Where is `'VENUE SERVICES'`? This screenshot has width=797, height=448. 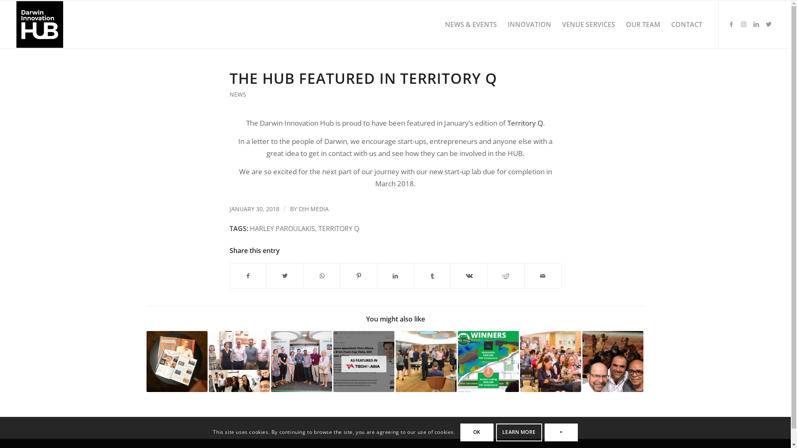 'VENUE SERVICES' is located at coordinates (588, 24).